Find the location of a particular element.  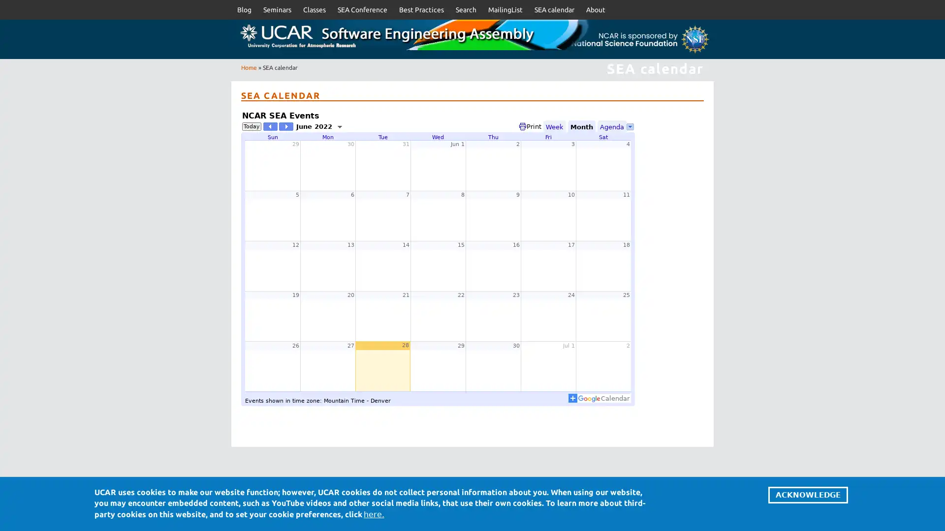

here. is located at coordinates (373, 513).